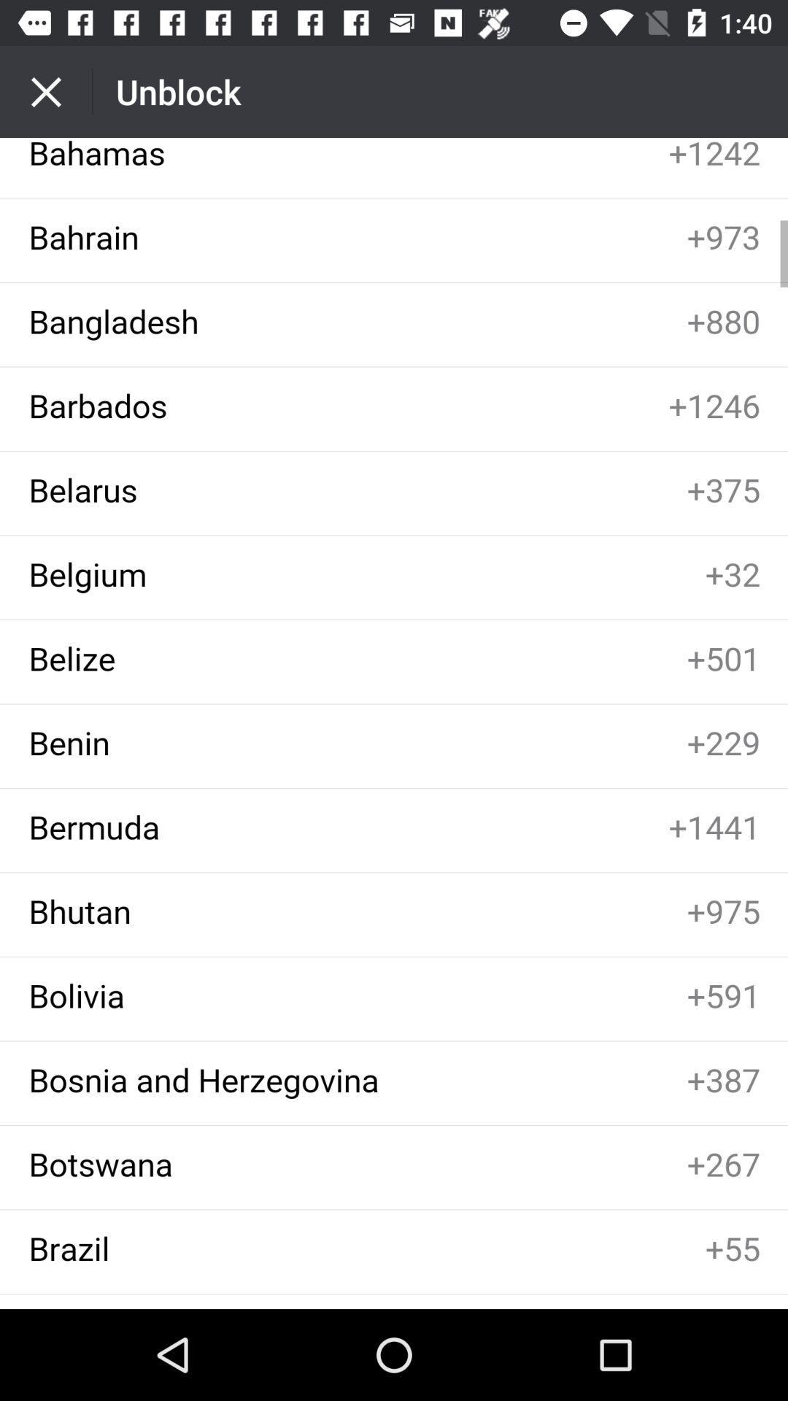 This screenshot has height=1401, width=788. What do you see at coordinates (394, 723) in the screenshot?
I see `article in middle` at bounding box center [394, 723].